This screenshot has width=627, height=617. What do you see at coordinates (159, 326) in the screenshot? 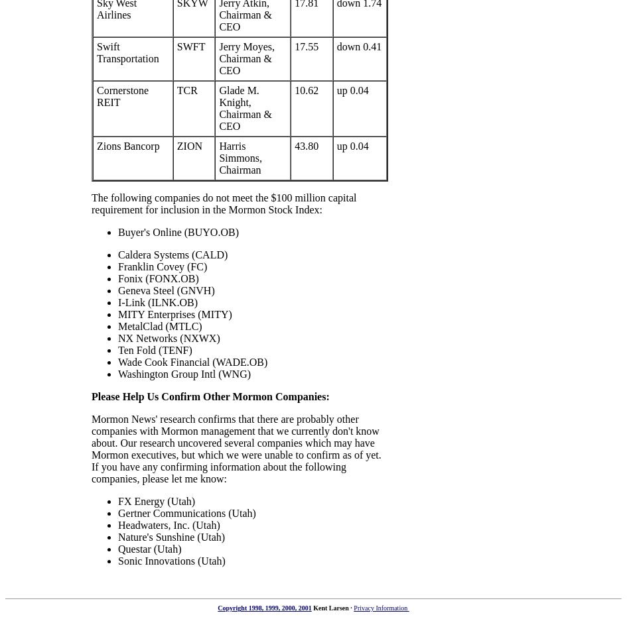
I see `'MetalClad (MTLC)'` at bounding box center [159, 326].